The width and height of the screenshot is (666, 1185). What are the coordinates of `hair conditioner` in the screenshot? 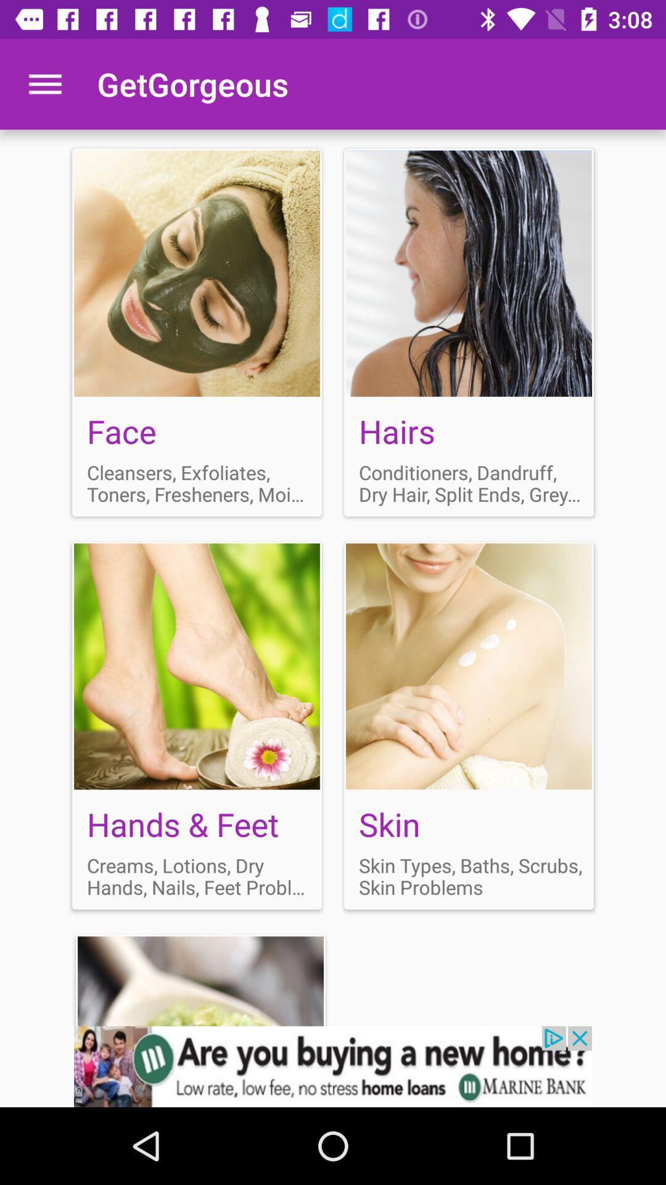 It's located at (469, 332).